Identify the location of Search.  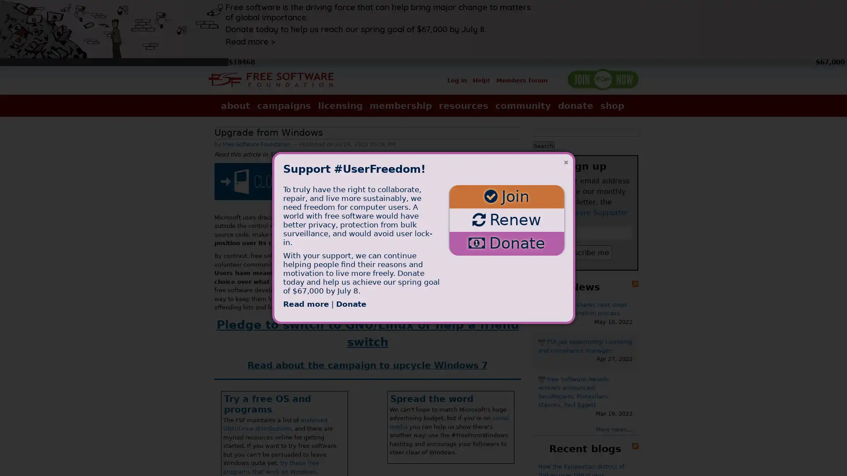
(543, 145).